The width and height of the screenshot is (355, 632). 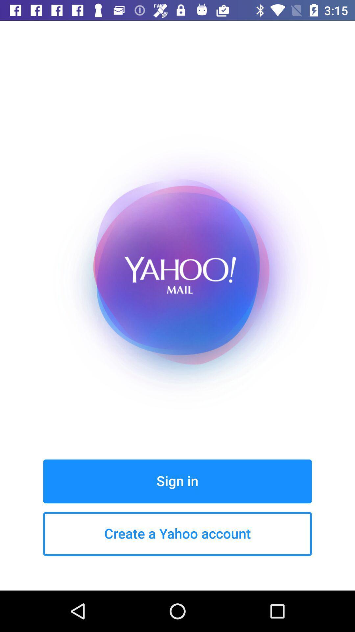 What do you see at coordinates (177, 534) in the screenshot?
I see `the create a yahoo item` at bounding box center [177, 534].